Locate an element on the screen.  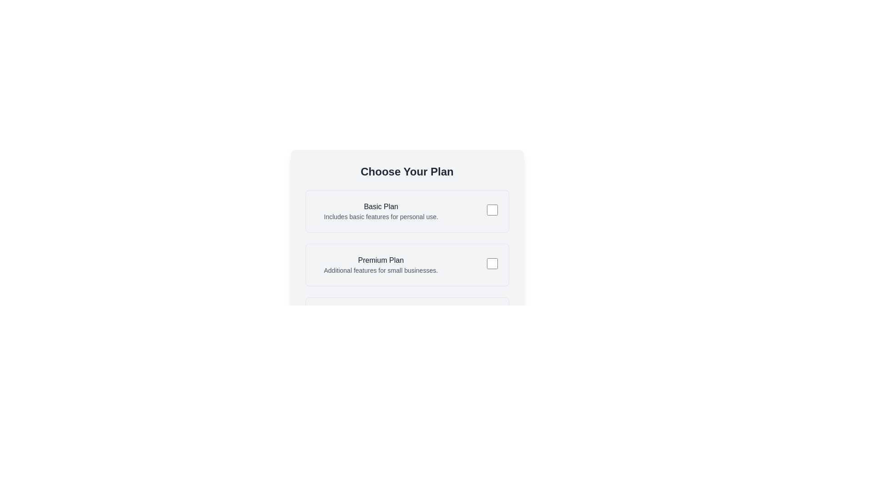
details of the 'Premium Plan' option, which includes the text 'Premium Plan' and 'Additional features for small businesses.' located in the second option of the plans list is located at coordinates (381, 265).